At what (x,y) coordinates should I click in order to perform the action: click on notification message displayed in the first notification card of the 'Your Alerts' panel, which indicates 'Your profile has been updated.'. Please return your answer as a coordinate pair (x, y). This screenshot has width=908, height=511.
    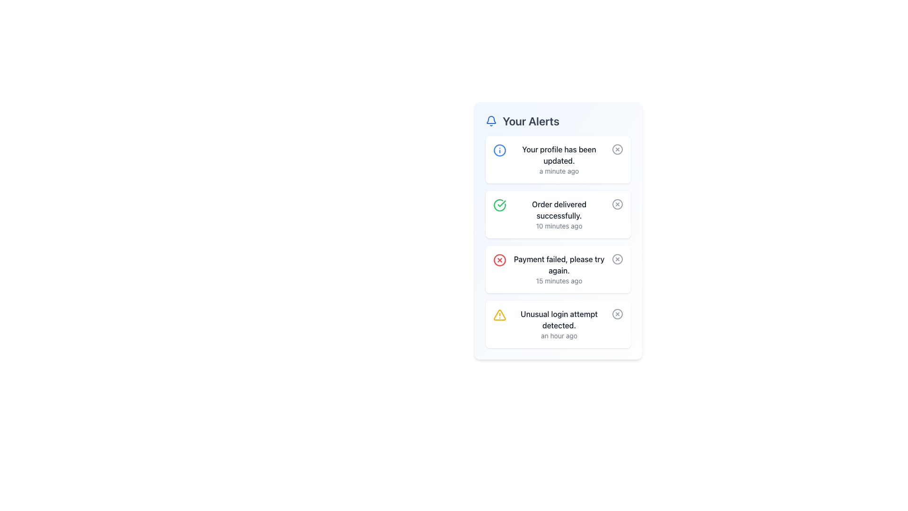
    Looking at the image, I should click on (559, 159).